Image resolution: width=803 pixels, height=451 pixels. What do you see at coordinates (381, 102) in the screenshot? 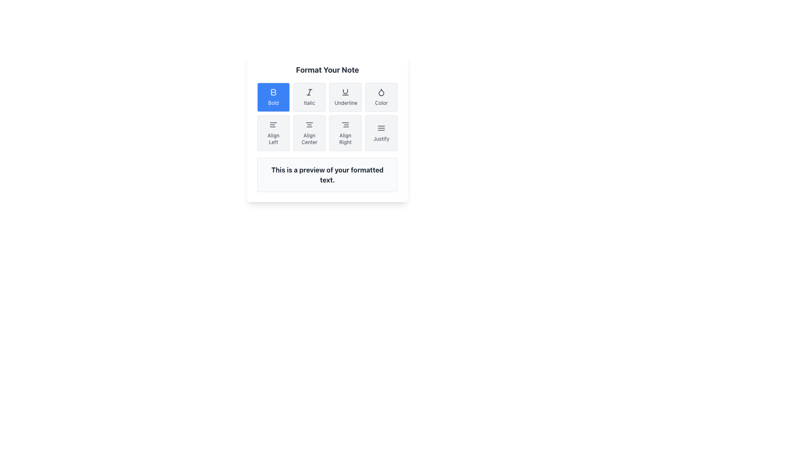
I see `text label that reads 'Color', which is styled with a small font size and is positioned below a water droplet icon in the 'Format Your Note' section` at bounding box center [381, 102].